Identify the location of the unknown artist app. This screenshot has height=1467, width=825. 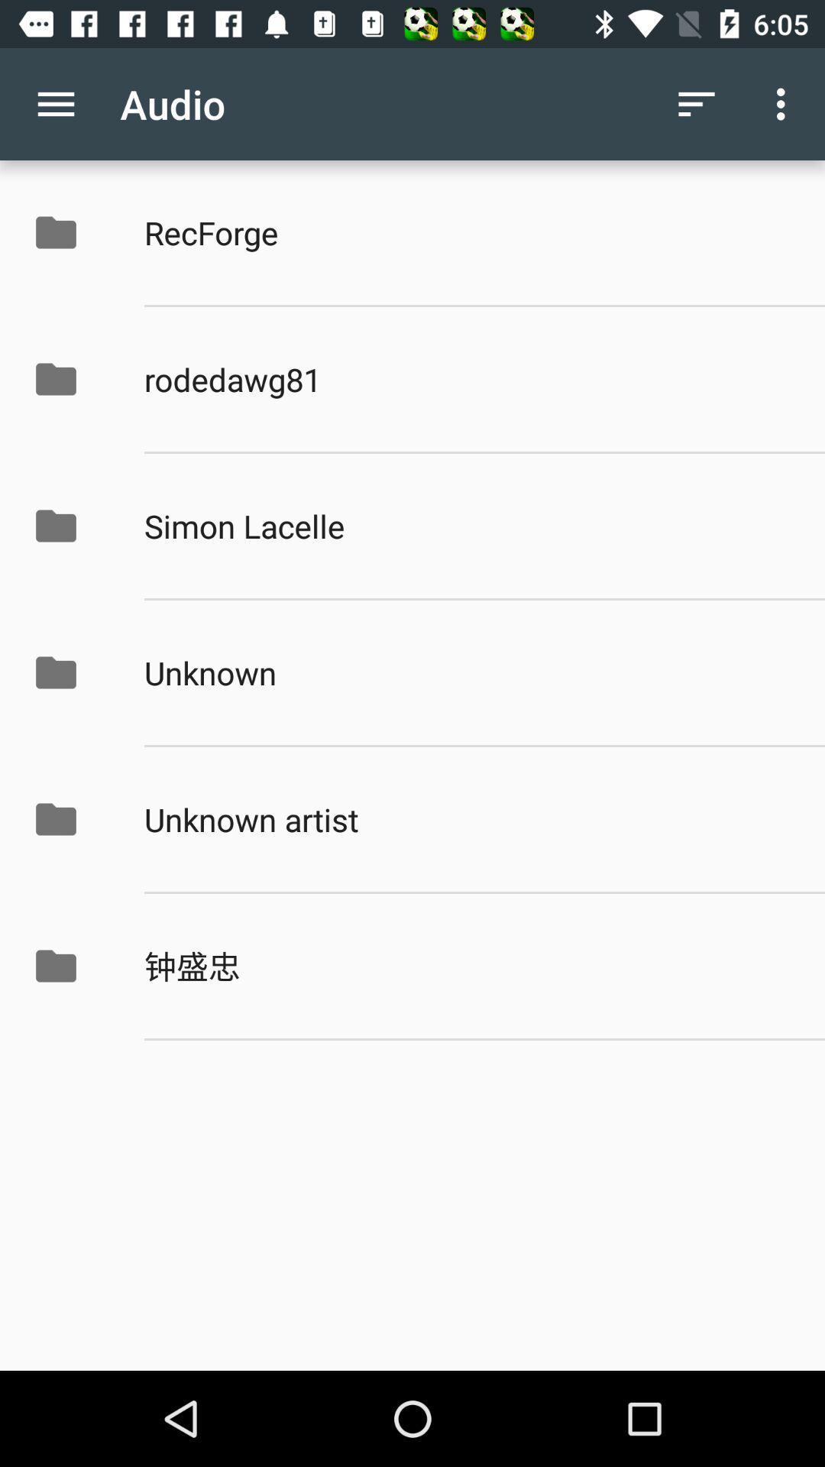
(467, 818).